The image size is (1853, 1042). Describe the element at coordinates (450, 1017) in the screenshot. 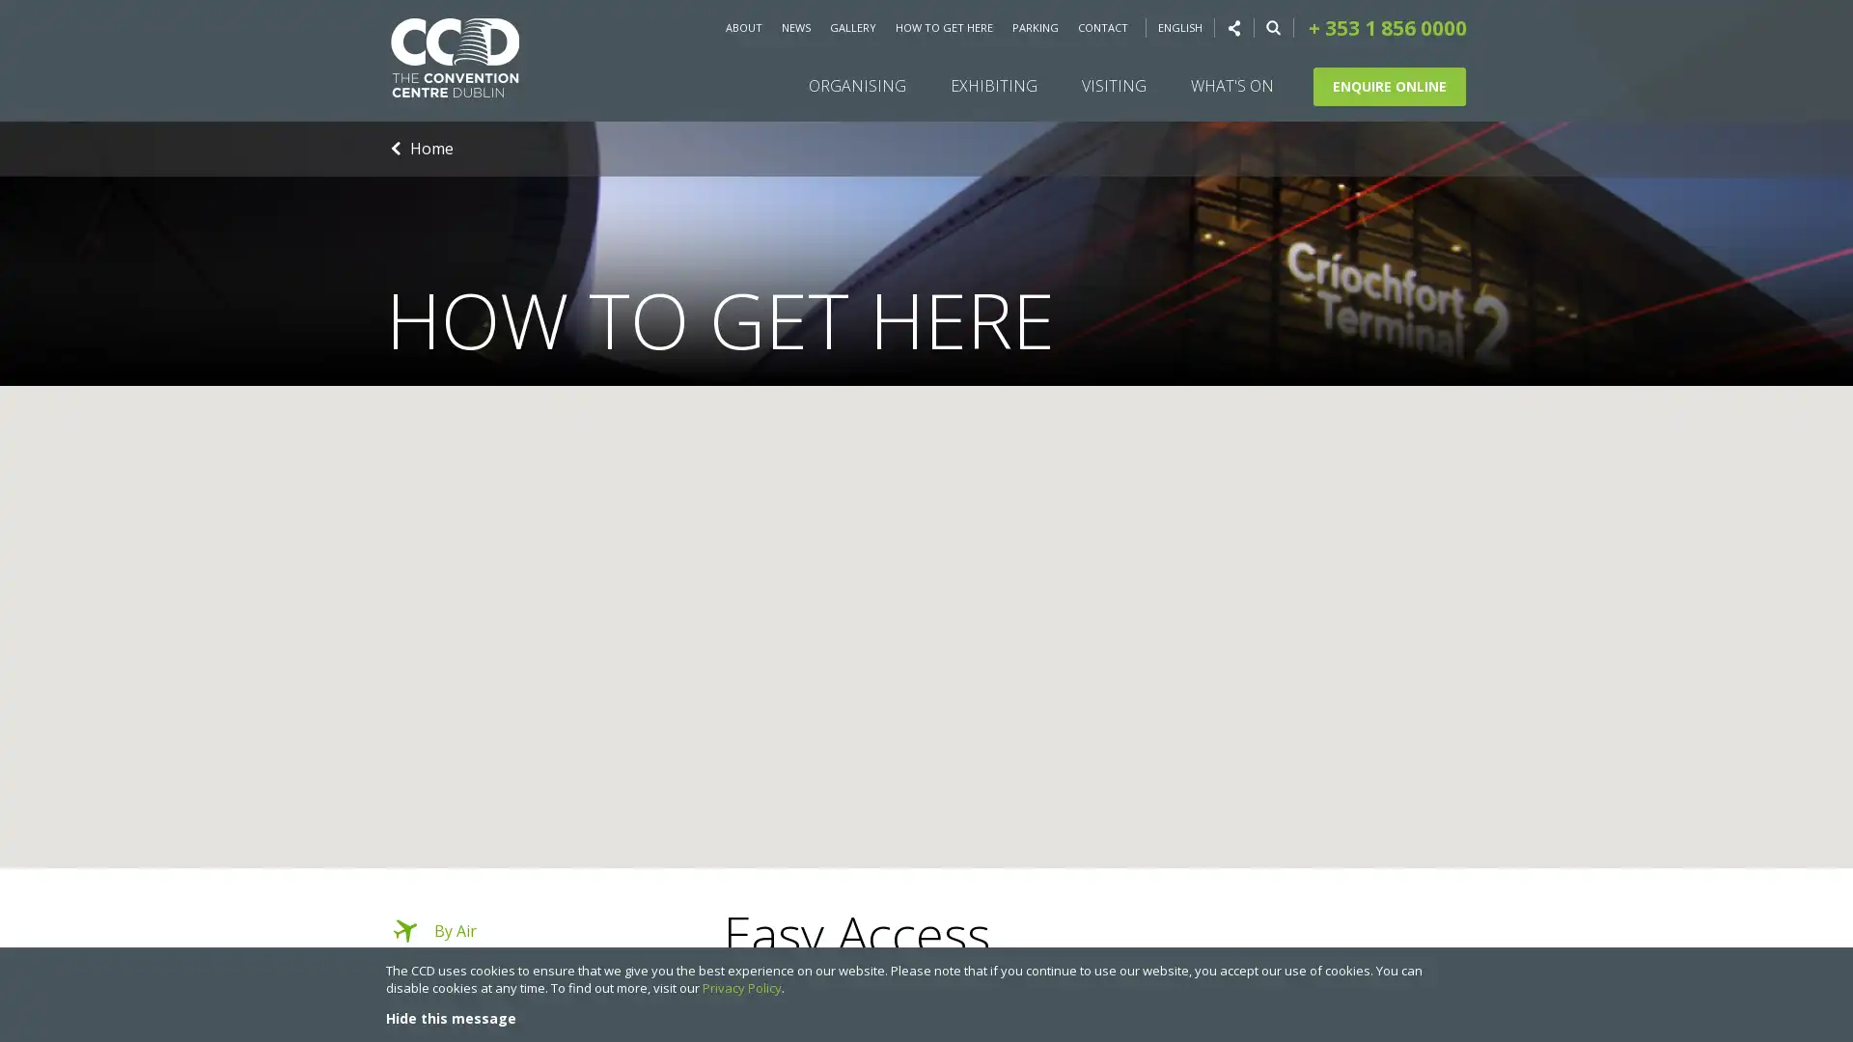

I see `Hide this message` at that location.